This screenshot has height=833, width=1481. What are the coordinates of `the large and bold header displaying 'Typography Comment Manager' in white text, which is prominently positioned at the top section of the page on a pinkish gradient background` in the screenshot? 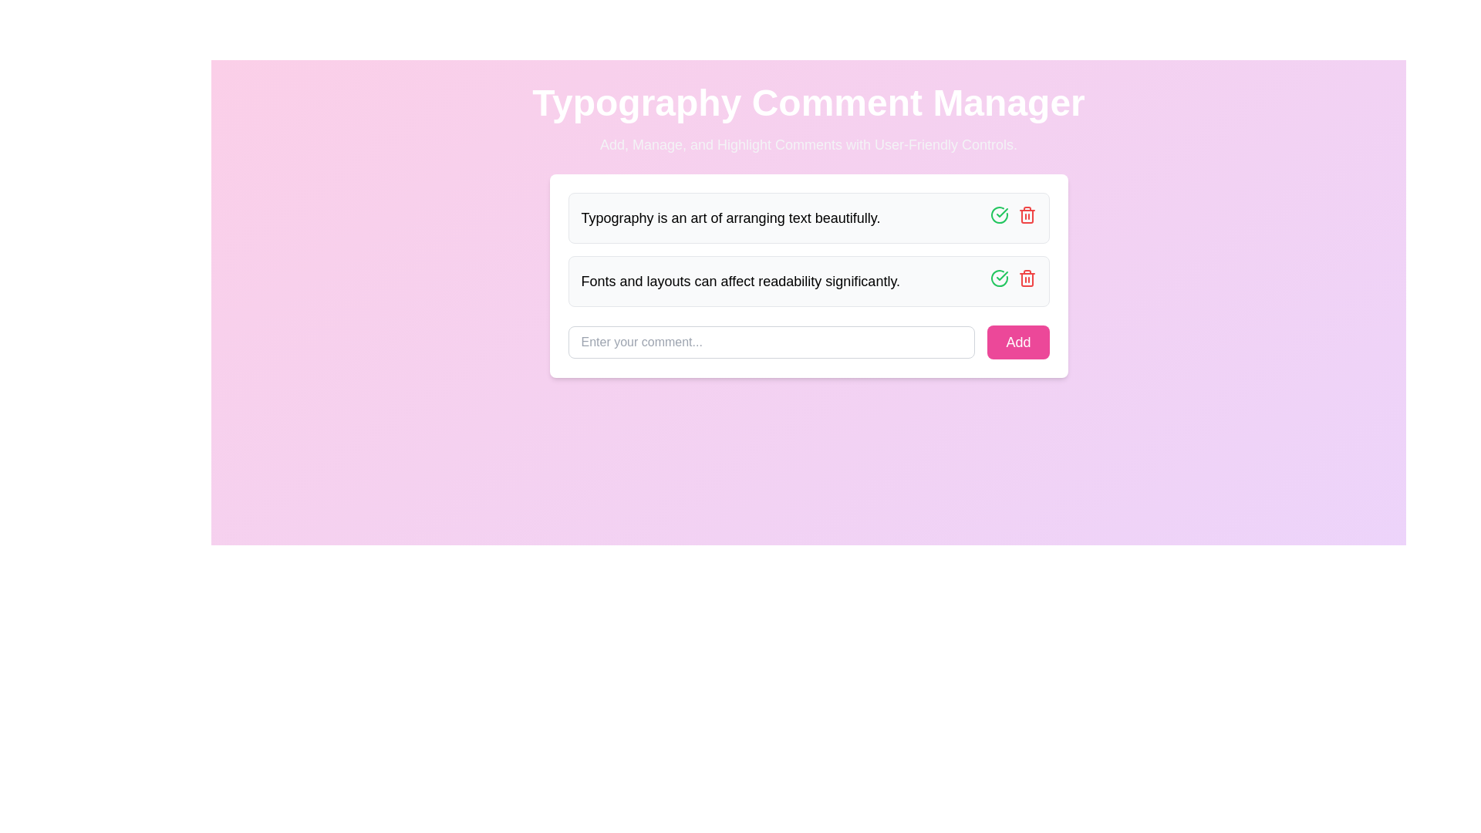 It's located at (808, 103).